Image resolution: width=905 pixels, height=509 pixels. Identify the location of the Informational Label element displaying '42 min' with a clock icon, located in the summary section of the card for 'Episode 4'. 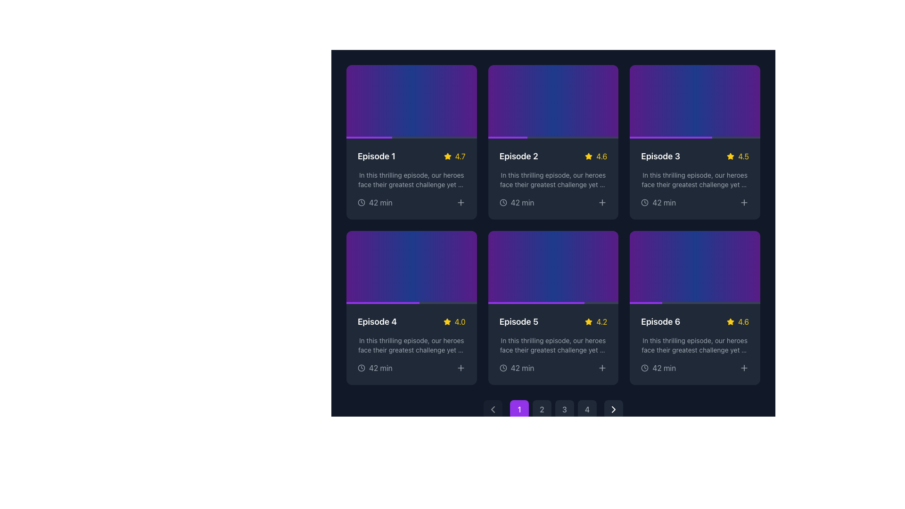
(374, 368).